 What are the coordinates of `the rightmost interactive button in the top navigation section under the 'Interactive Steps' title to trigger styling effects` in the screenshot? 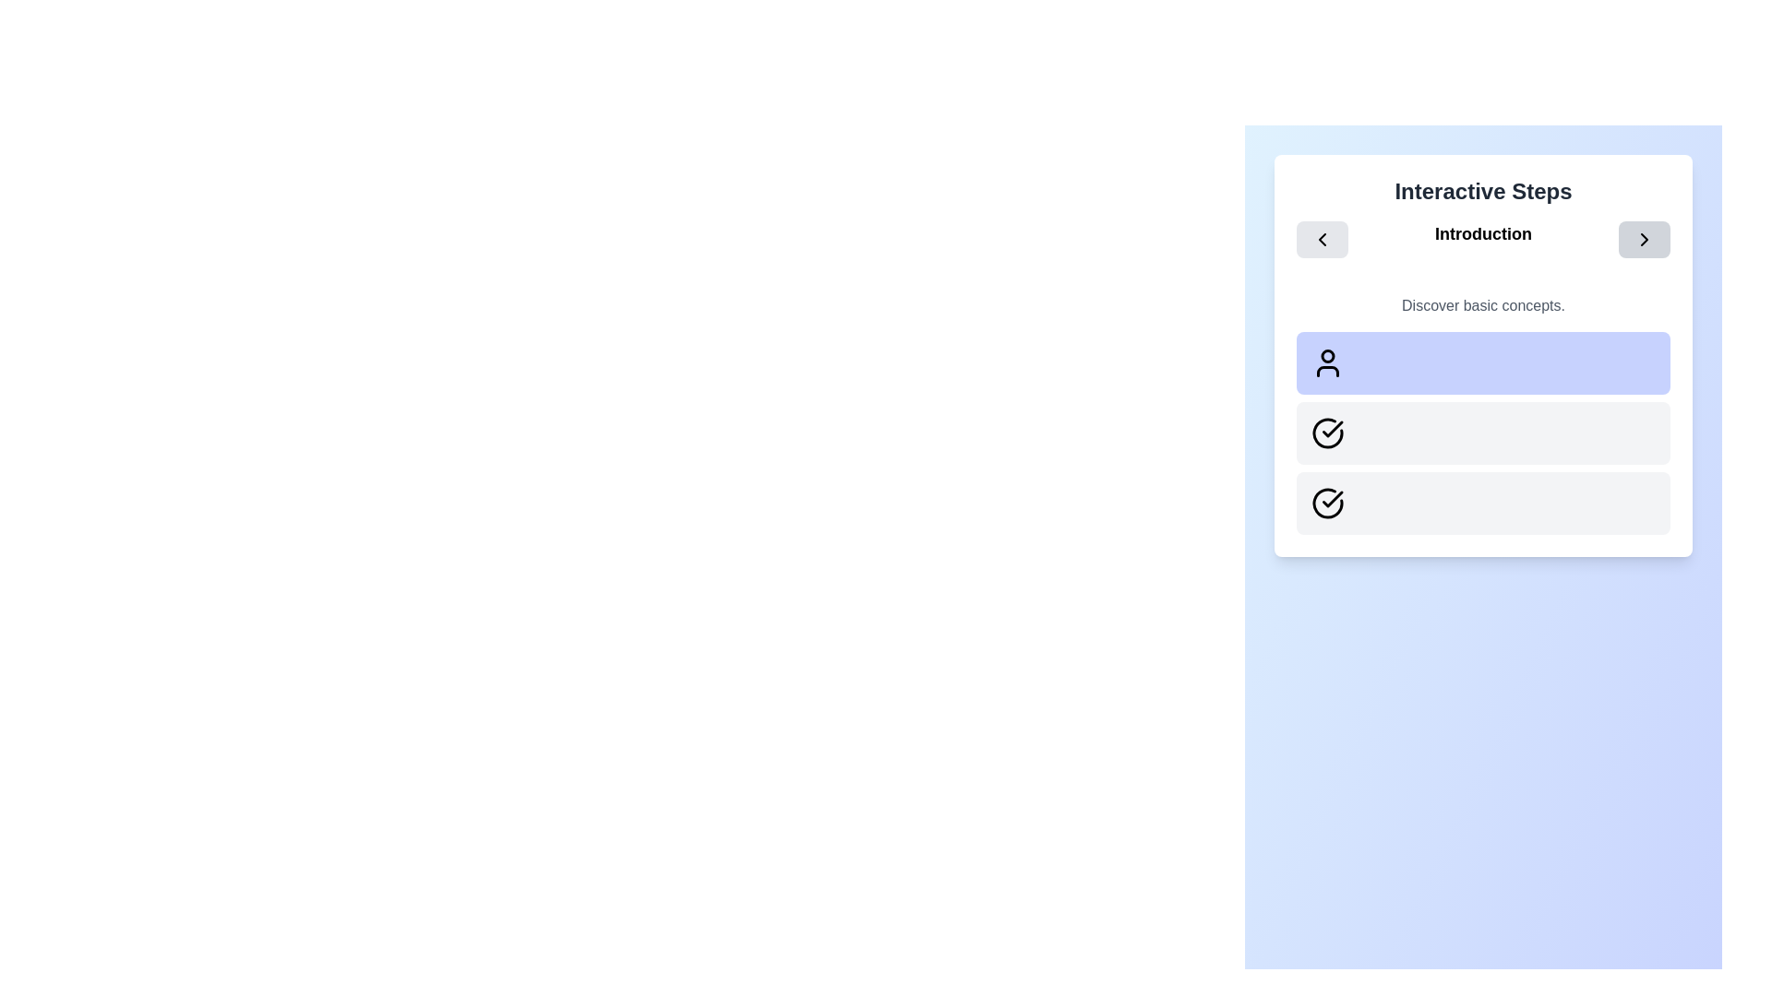 It's located at (1644, 238).